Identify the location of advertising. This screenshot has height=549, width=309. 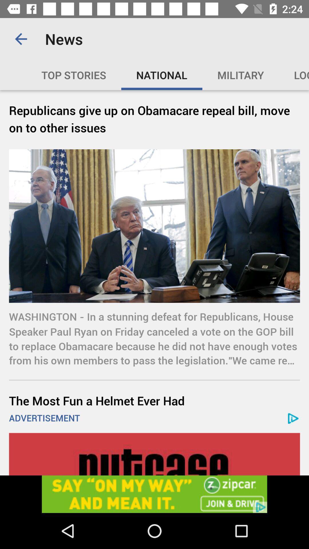
(154, 454).